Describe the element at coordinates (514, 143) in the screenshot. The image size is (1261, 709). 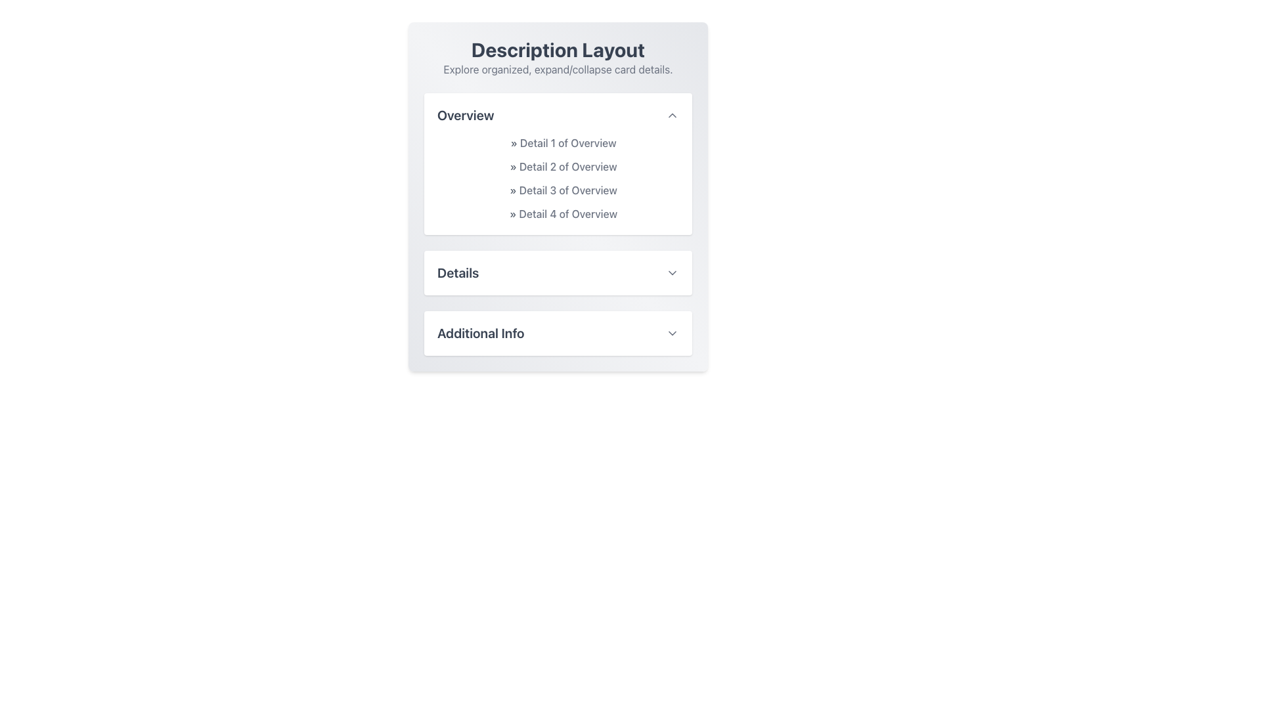
I see `the light gray decorative icon ('»') that is positioned at the start of the text line 'Detail 1 of Overview' within the collapsible 'Overview' section` at that location.